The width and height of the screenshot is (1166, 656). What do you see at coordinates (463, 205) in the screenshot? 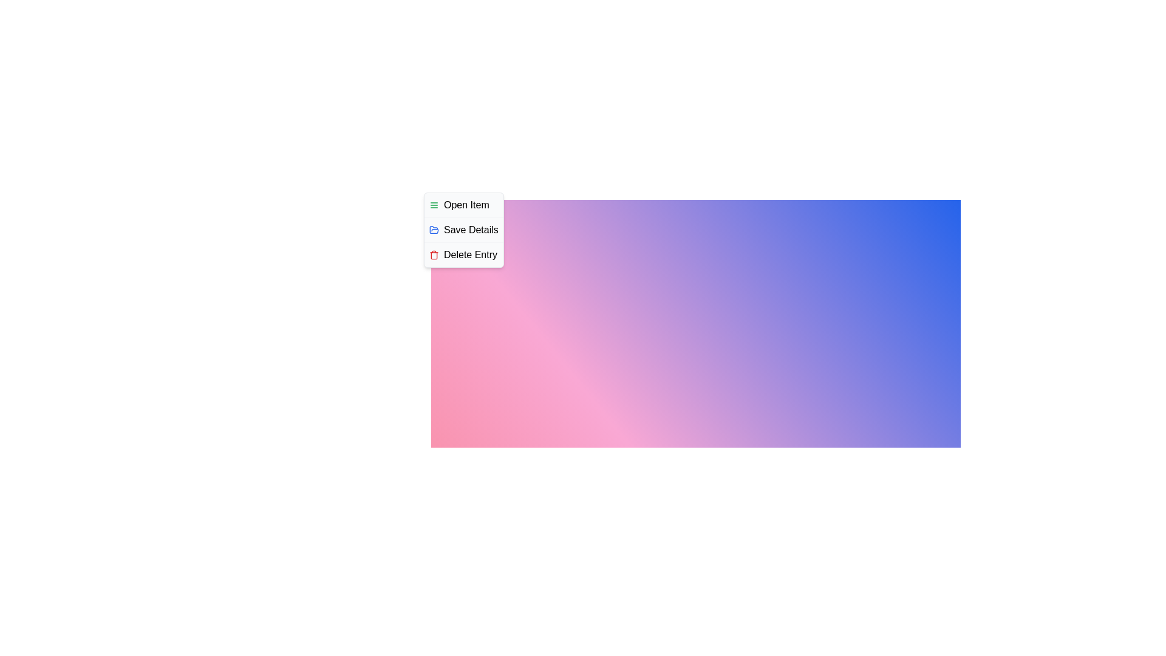
I see `the 'Open Item' option in the context menu` at bounding box center [463, 205].